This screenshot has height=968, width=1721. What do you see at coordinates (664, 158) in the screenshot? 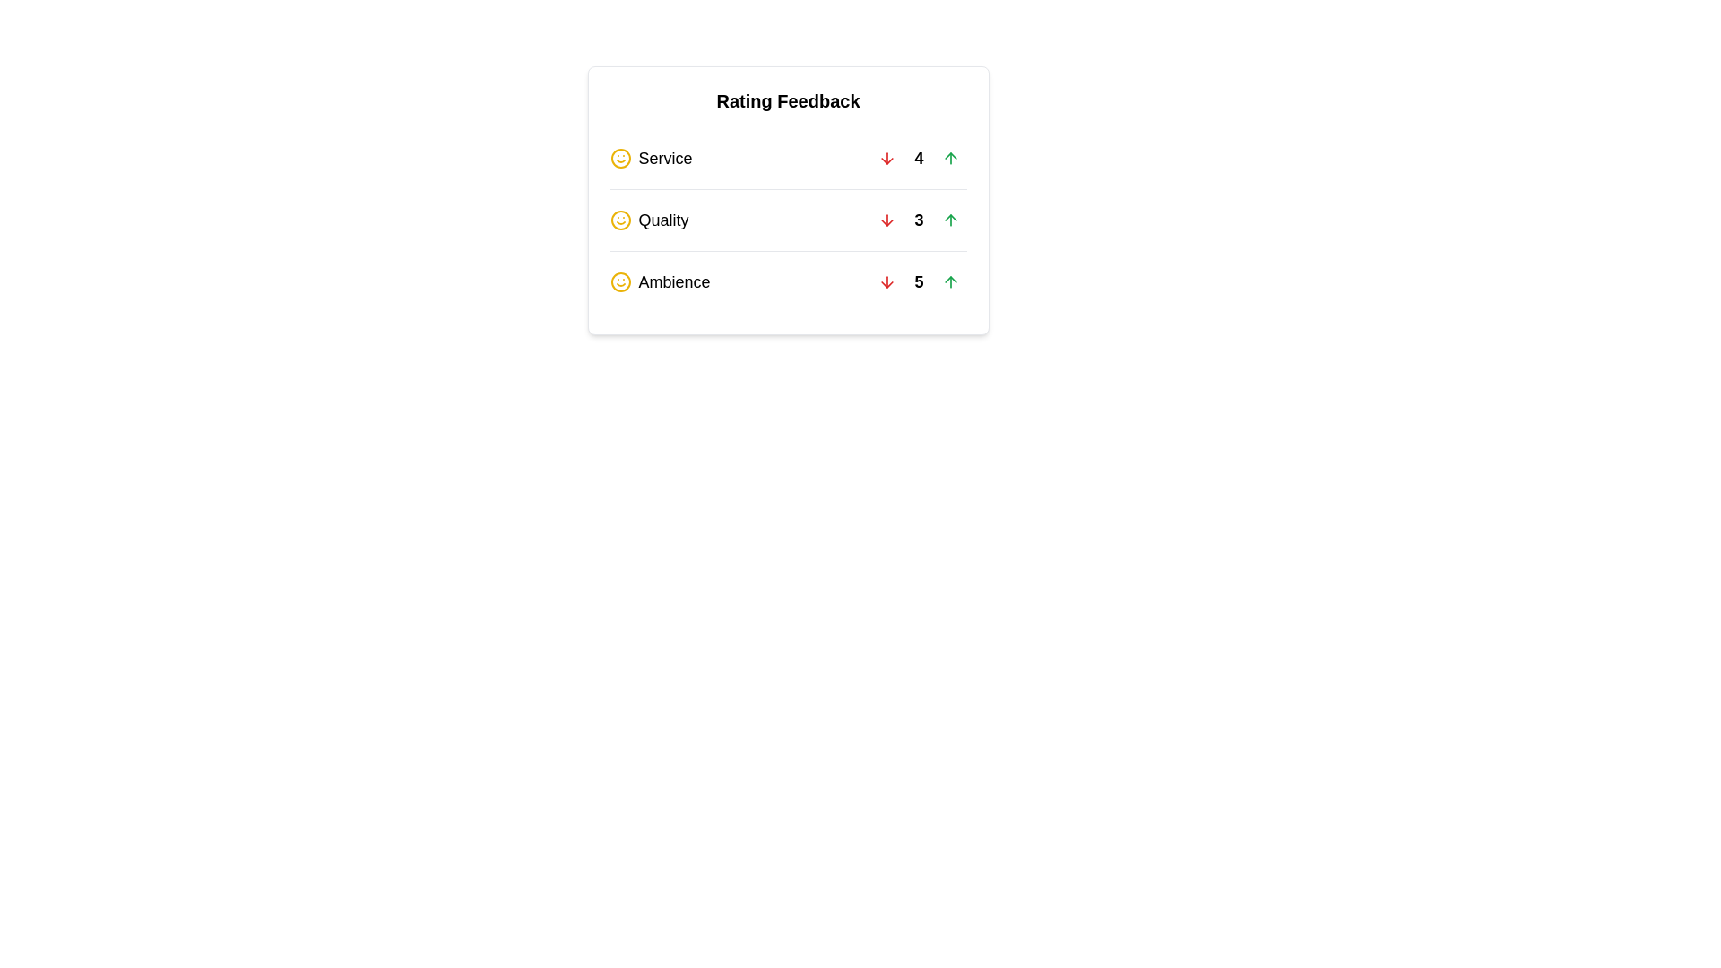
I see `on the stylized text label displaying the word 'Service', which is prominently placed in the first row of a vertical list within a card layout, aligned` at bounding box center [664, 158].